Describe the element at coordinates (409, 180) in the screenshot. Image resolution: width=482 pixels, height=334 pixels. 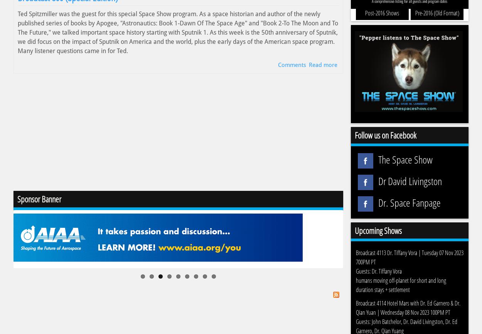
I see `'Dr David Livingston'` at that location.